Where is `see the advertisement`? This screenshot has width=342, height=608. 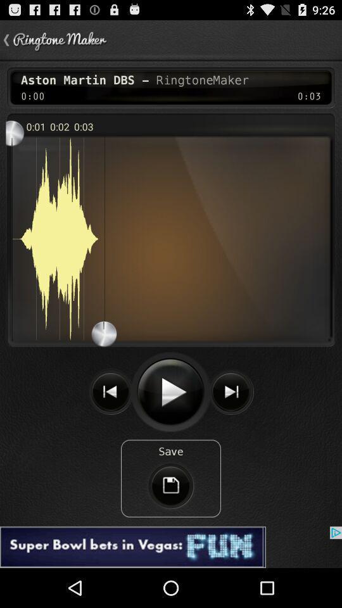
see the advertisement is located at coordinates (171, 547).